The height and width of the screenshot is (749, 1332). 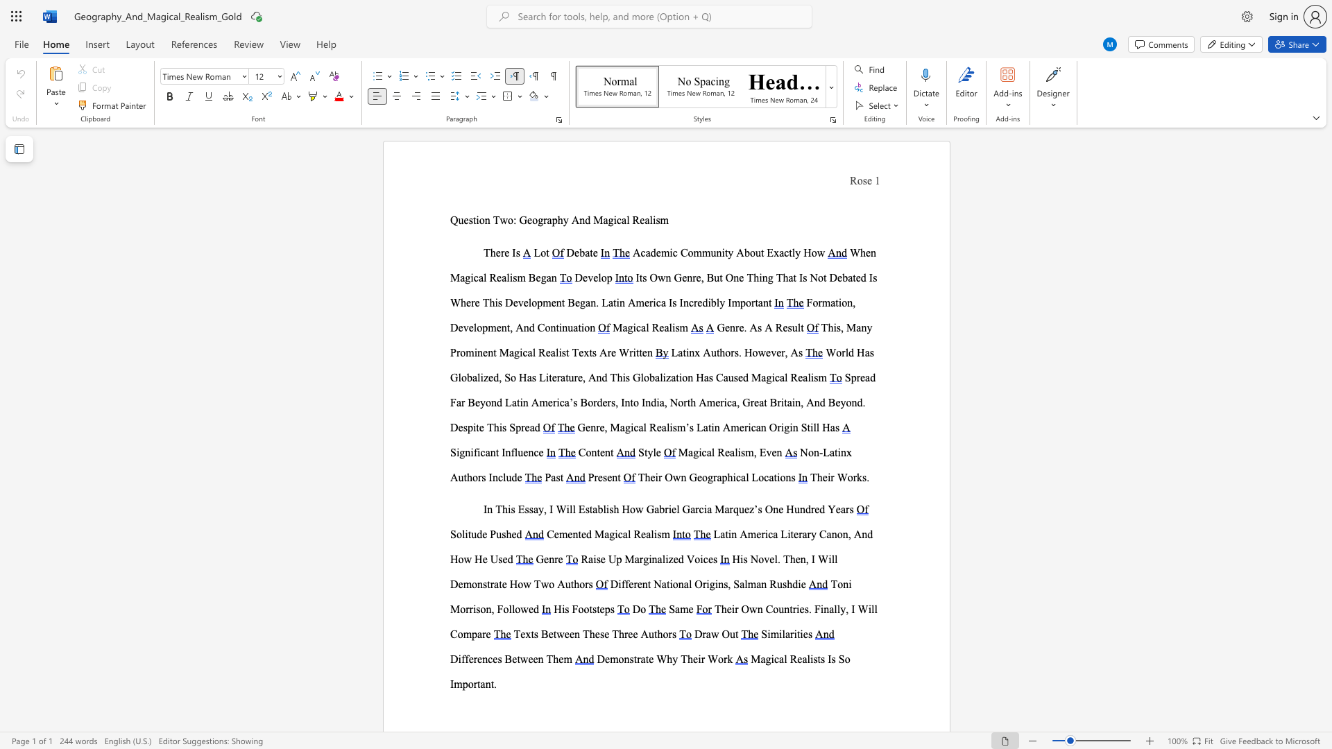 I want to click on the subset text "gical Reali" within the text "Magical Realism, Even", so click(x=693, y=452).